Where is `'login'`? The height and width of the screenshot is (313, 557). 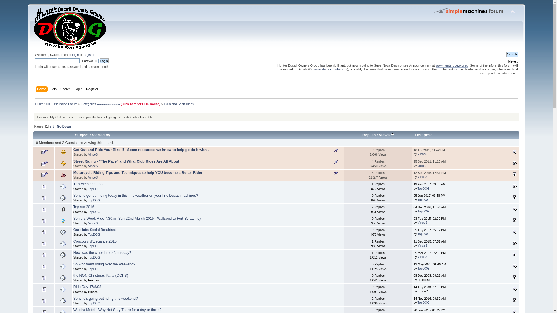 'login' is located at coordinates (72, 55).